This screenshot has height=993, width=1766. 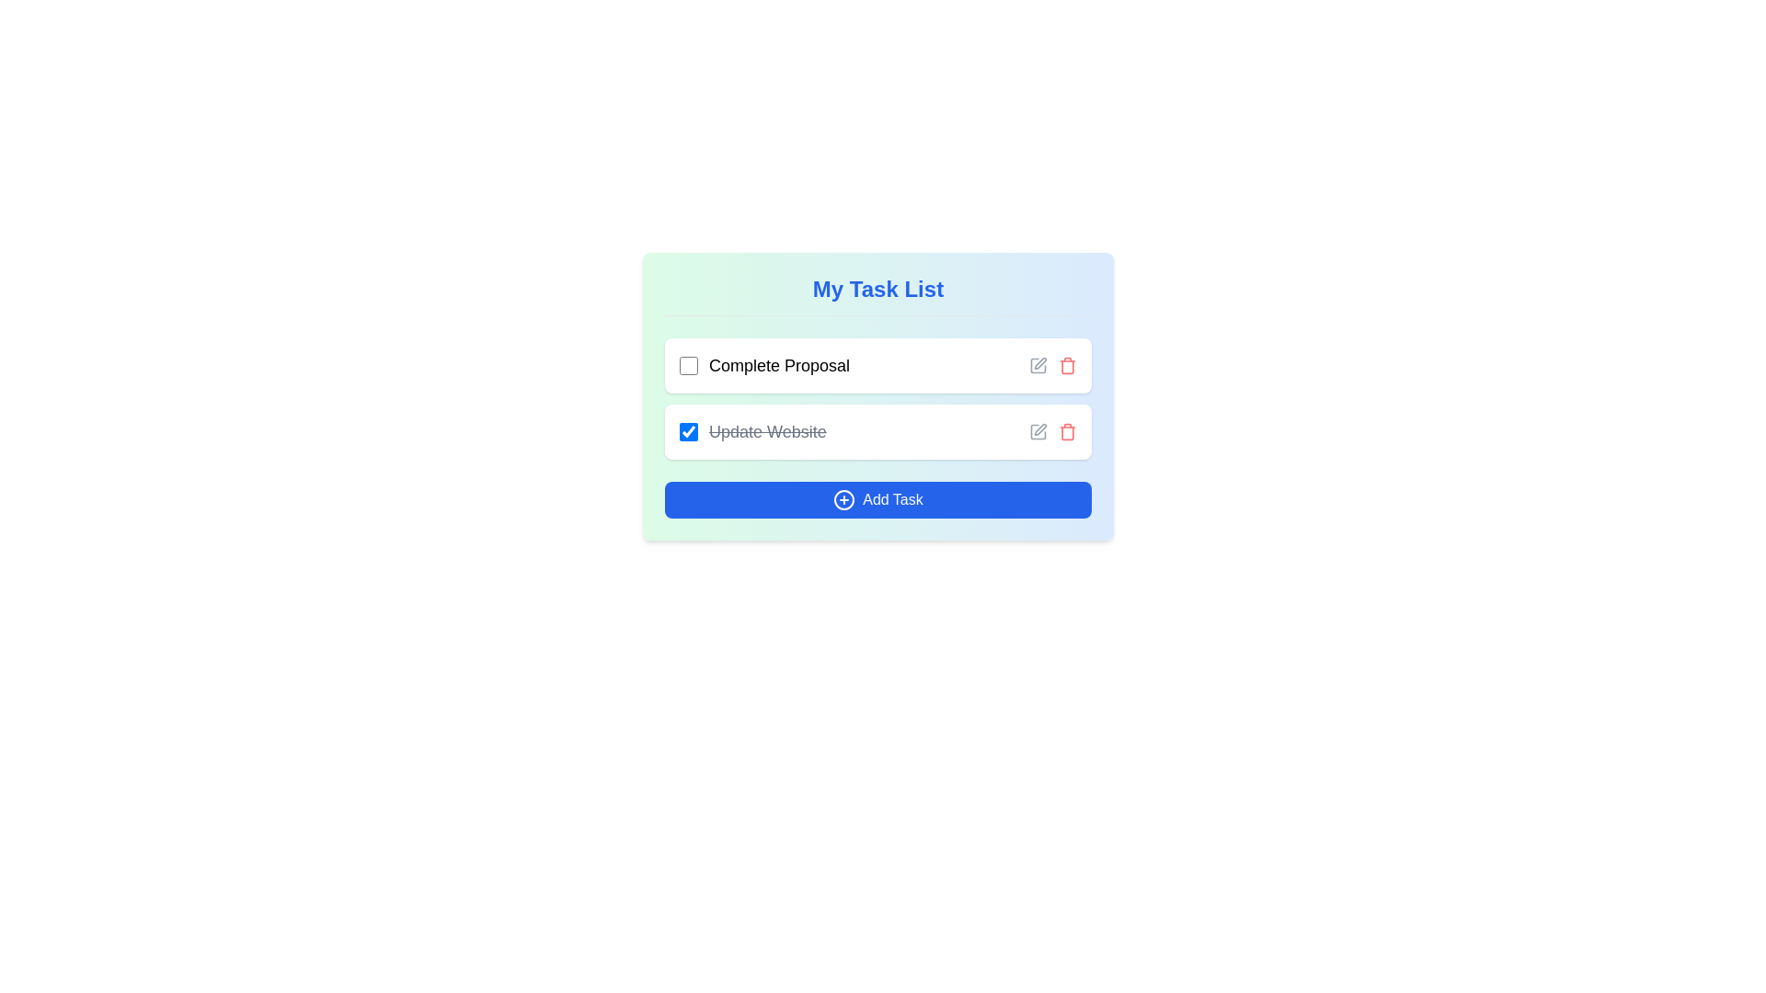 What do you see at coordinates (1038, 365) in the screenshot?
I see `the rectangular outline with rounded corners that forms the outer square of the edit icon in the 'Update Website' task list entry` at bounding box center [1038, 365].